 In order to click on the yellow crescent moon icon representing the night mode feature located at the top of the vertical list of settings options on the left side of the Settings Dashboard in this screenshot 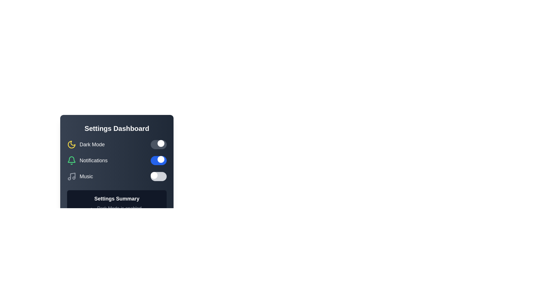, I will do `click(71, 144)`.